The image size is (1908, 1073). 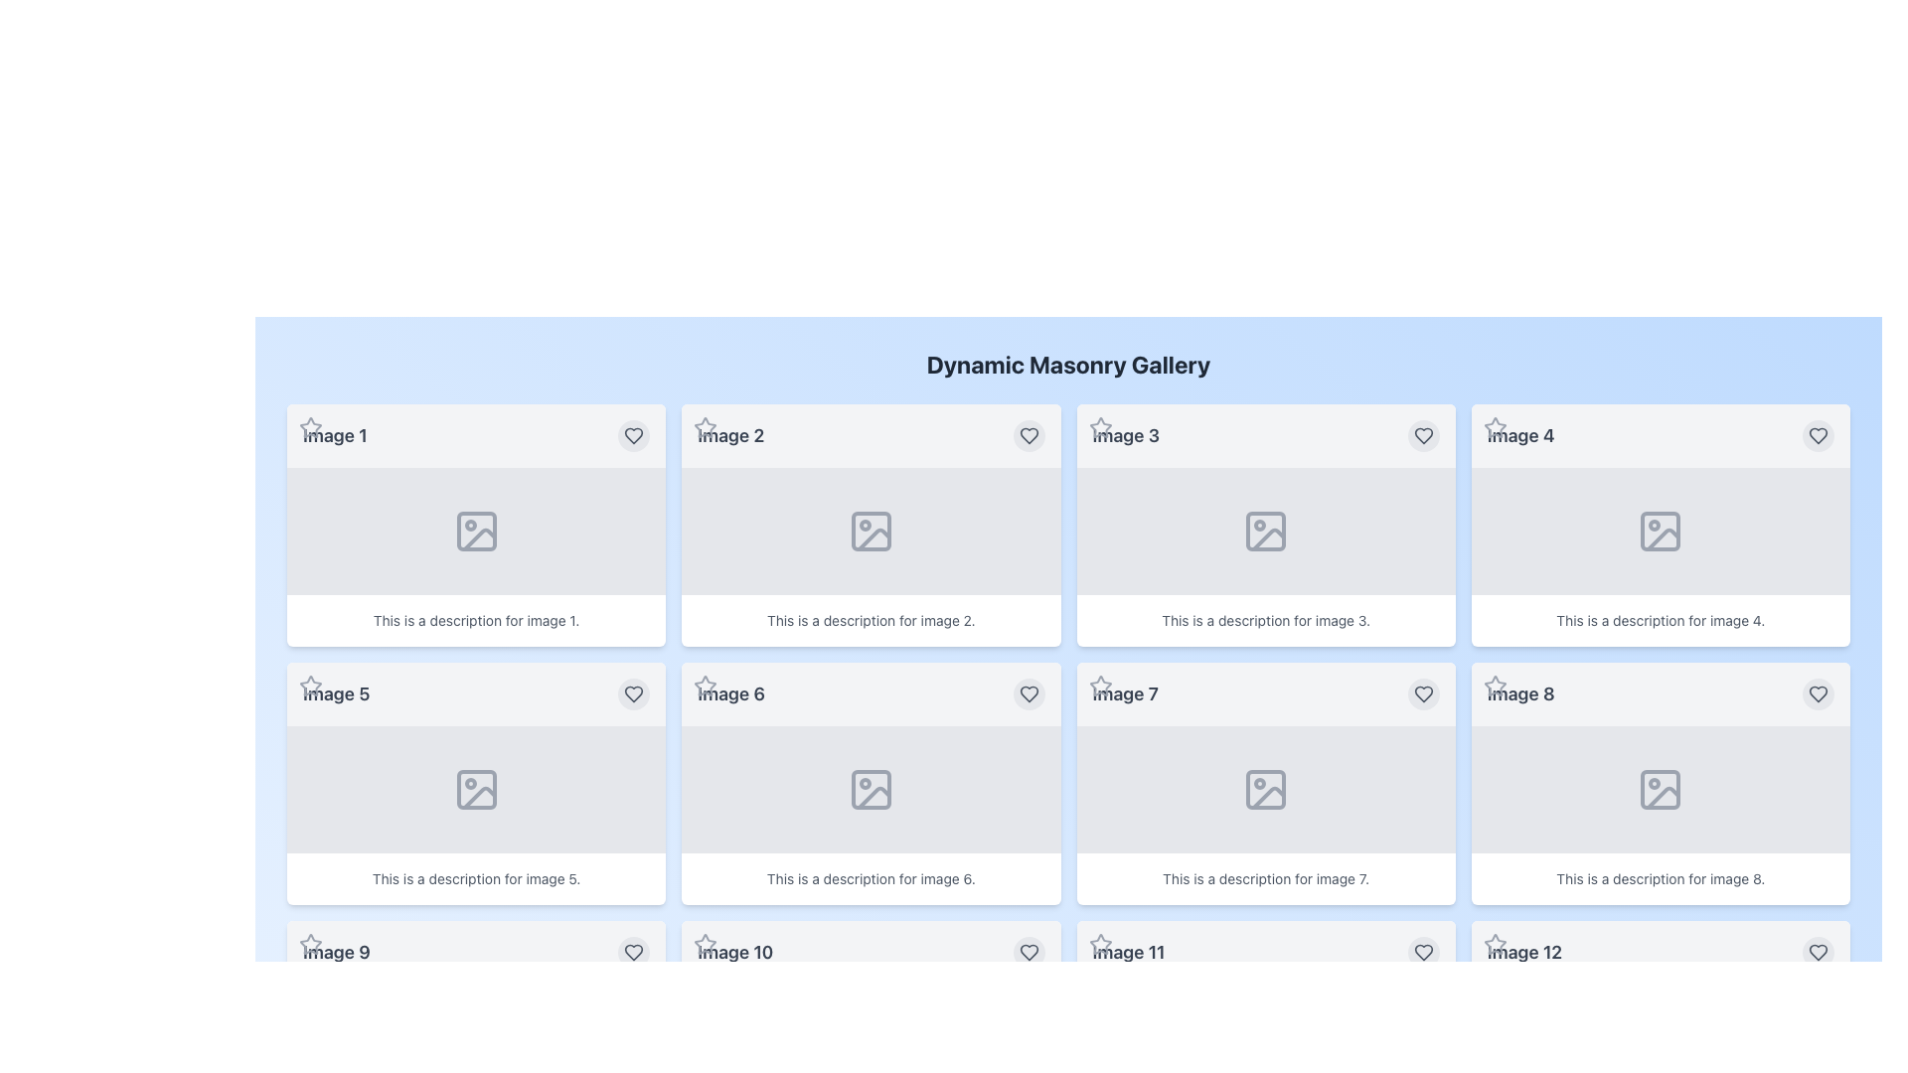 What do you see at coordinates (871, 619) in the screenshot?
I see `textual description located beneath the image placeholder for 'Image 2', which is rendered in a small, gray font and contains the text 'This is a description for image 2.'` at bounding box center [871, 619].